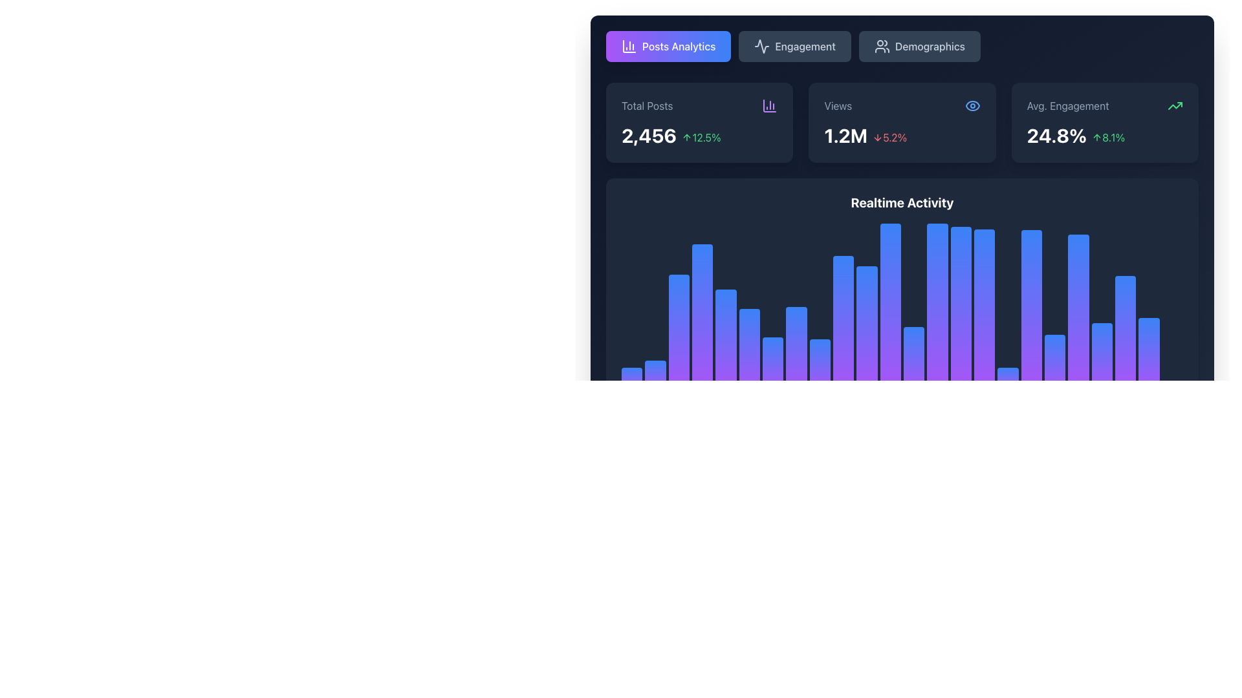 The width and height of the screenshot is (1242, 698). I want to click on the text label that identifies the metric for views in the analytics card, located above the '1.2M' value and to the left of the eye icon, so click(838, 105).